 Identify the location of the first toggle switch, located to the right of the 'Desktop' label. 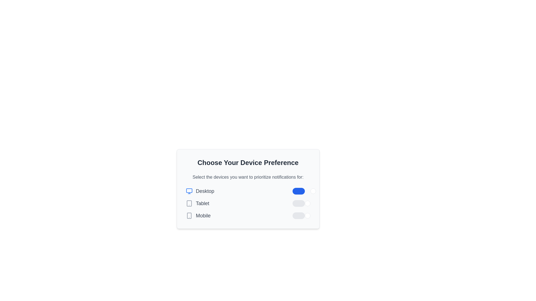
(301, 191).